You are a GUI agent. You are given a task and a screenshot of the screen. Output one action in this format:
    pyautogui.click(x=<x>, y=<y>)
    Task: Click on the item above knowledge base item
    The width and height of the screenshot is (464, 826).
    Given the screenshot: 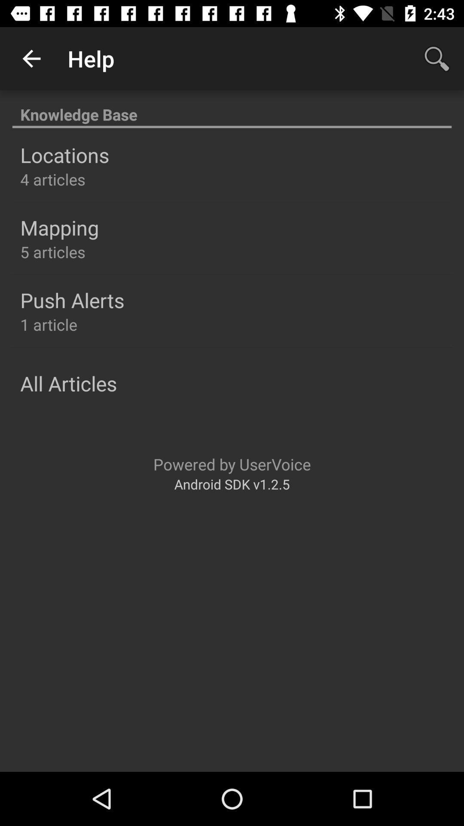 What is the action you would take?
    pyautogui.click(x=31, y=58)
    